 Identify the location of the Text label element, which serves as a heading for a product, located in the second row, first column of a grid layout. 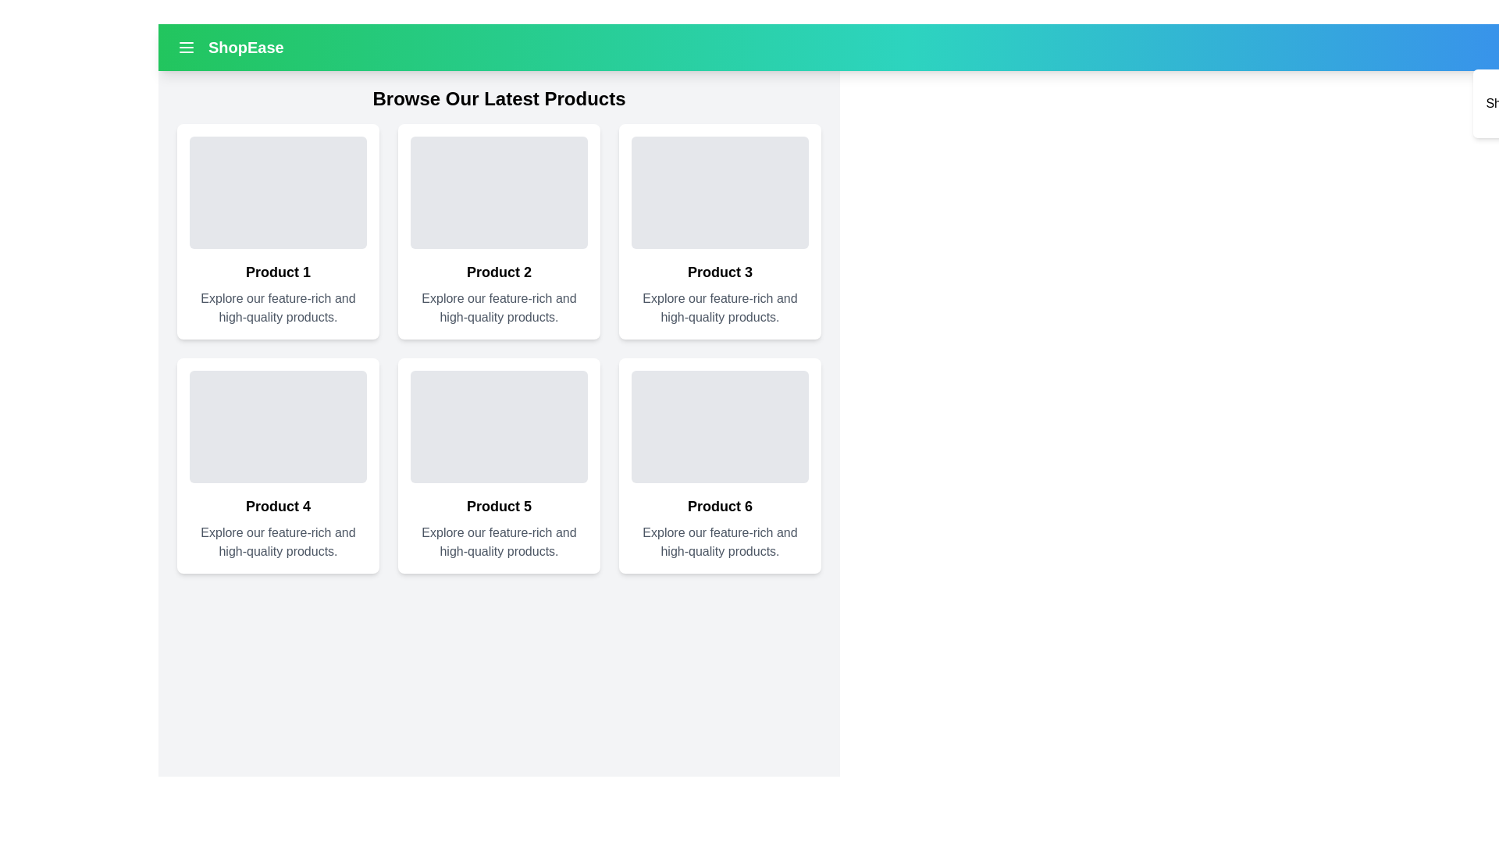
(278, 506).